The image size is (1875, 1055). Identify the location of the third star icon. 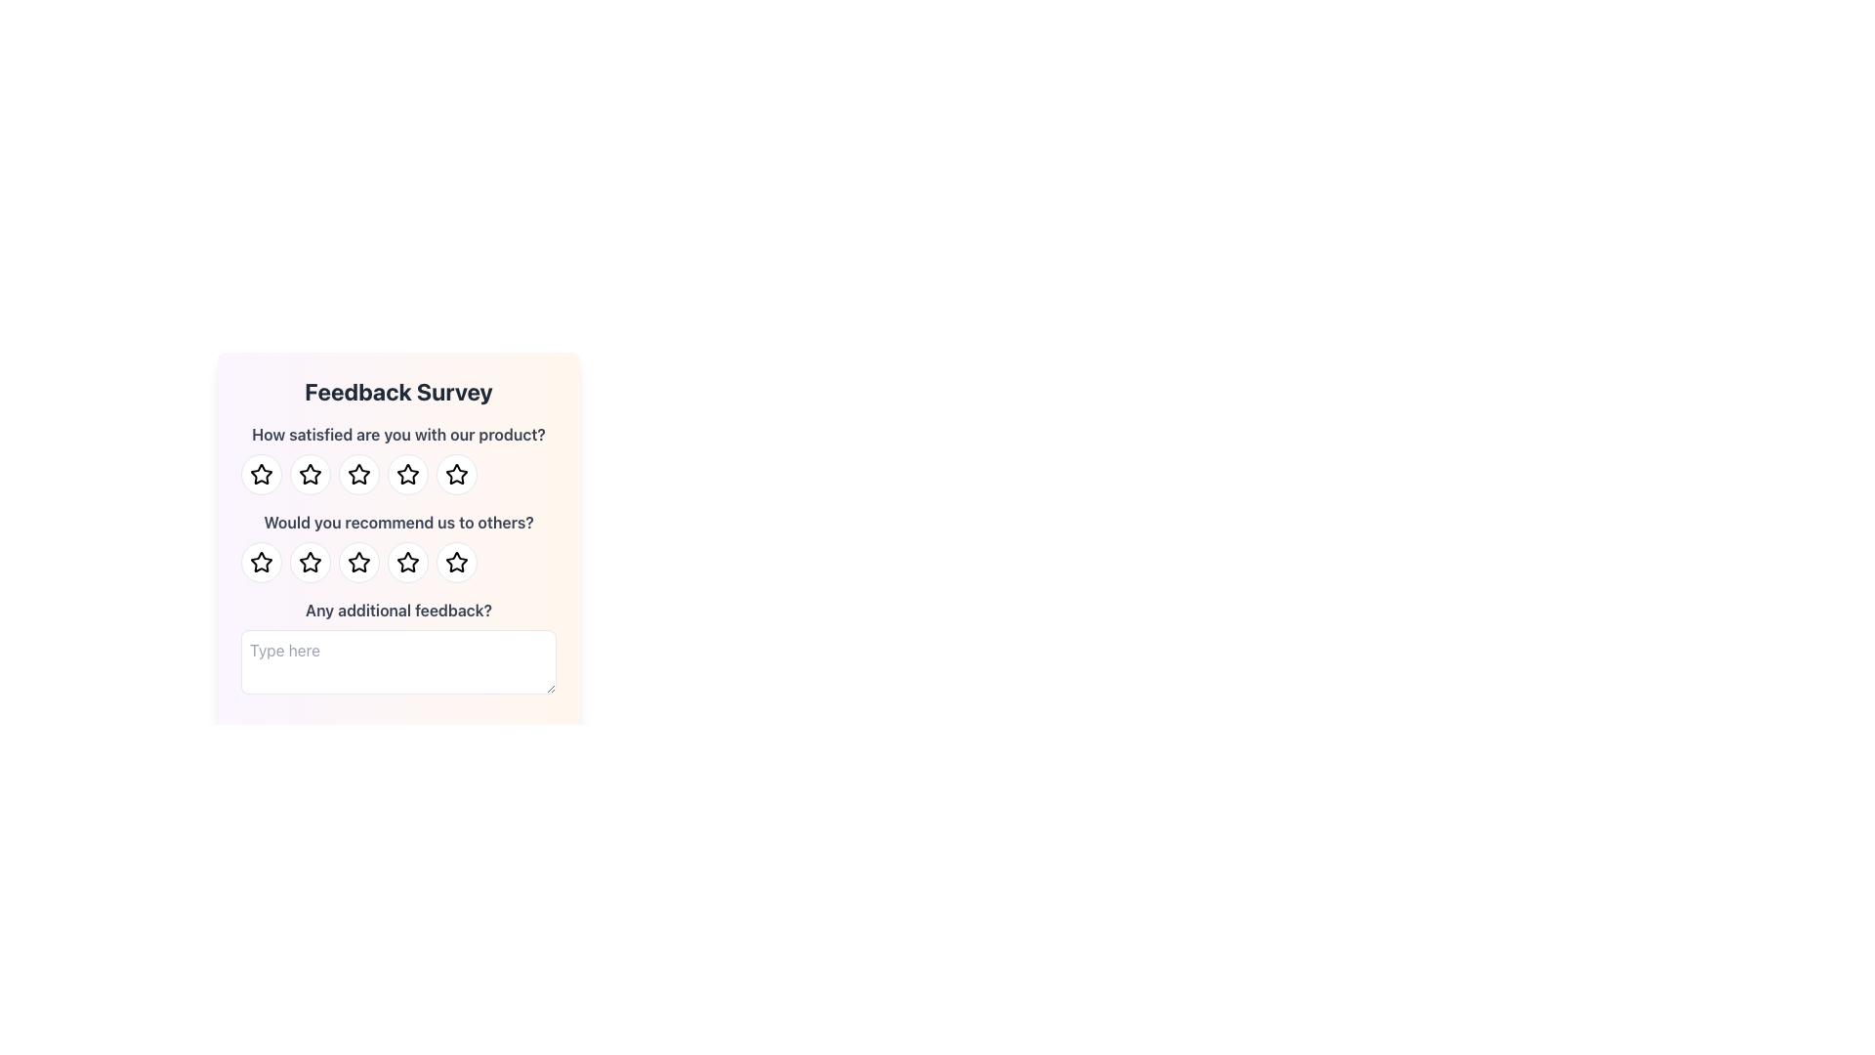
(359, 562).